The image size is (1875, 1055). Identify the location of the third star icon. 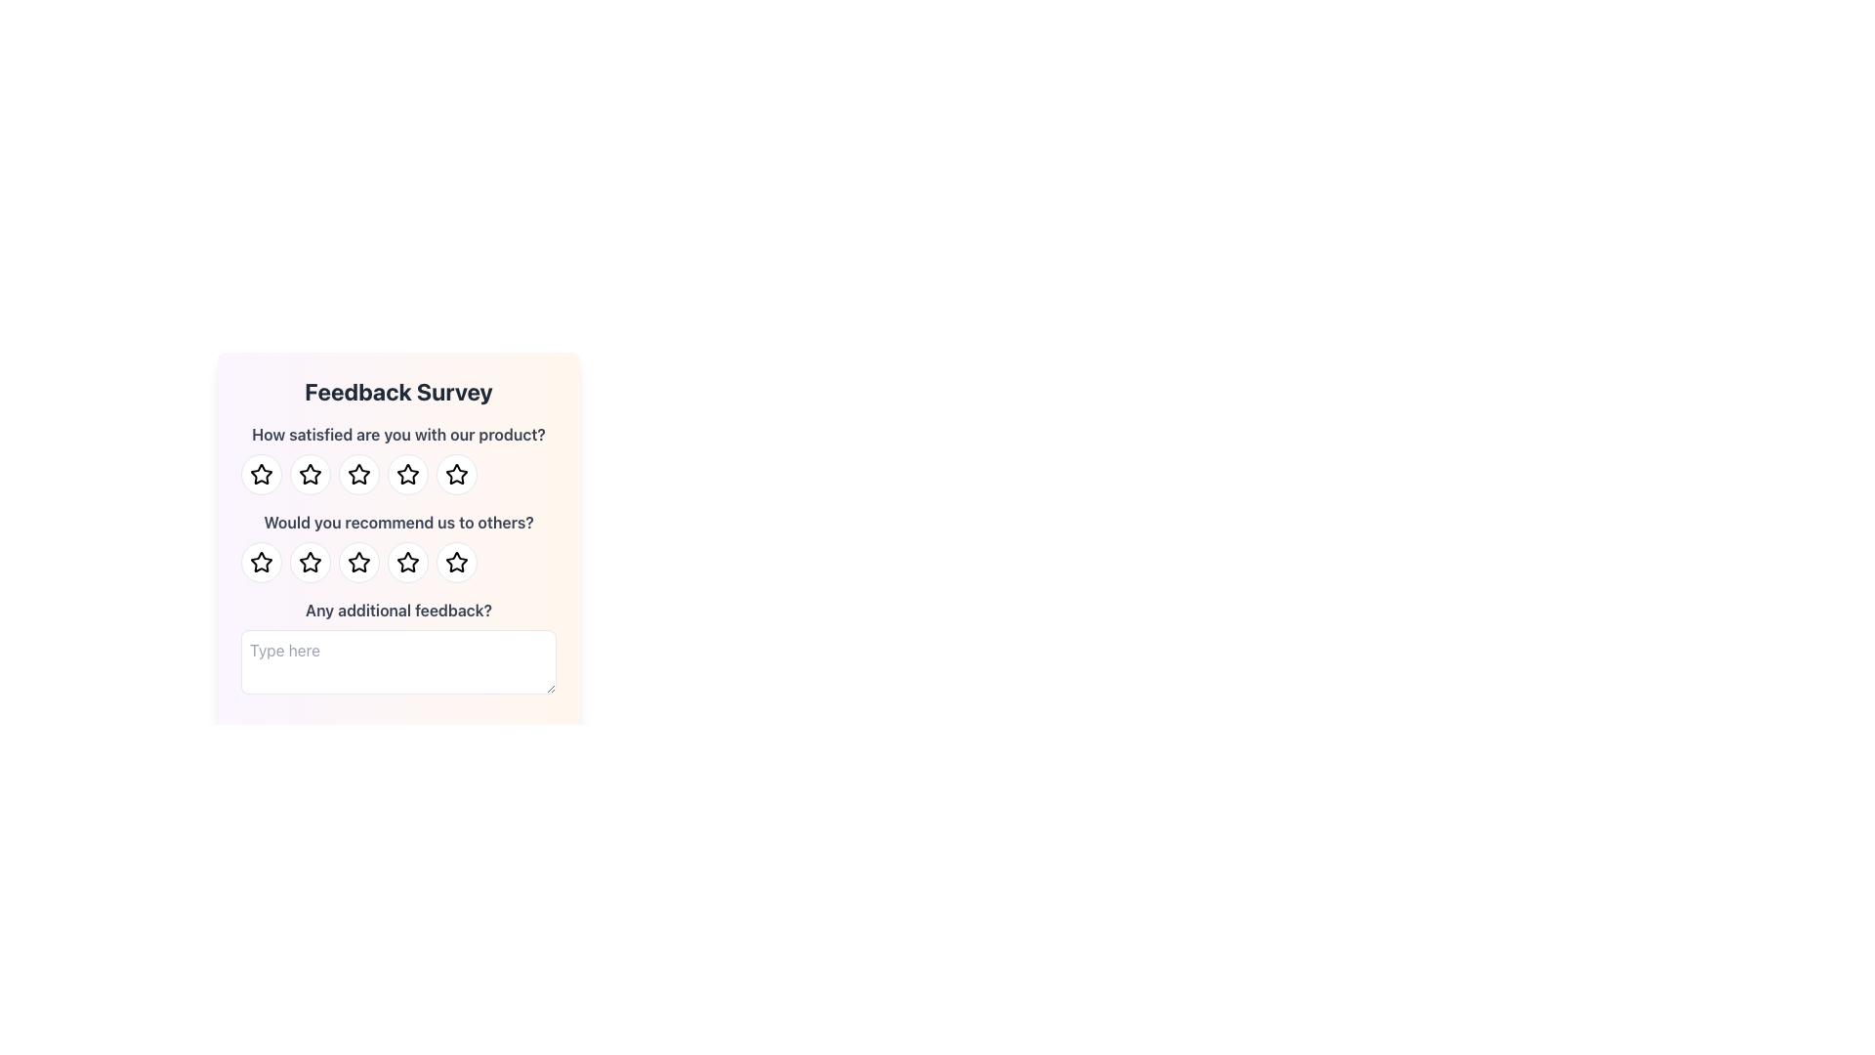
(359, 562).